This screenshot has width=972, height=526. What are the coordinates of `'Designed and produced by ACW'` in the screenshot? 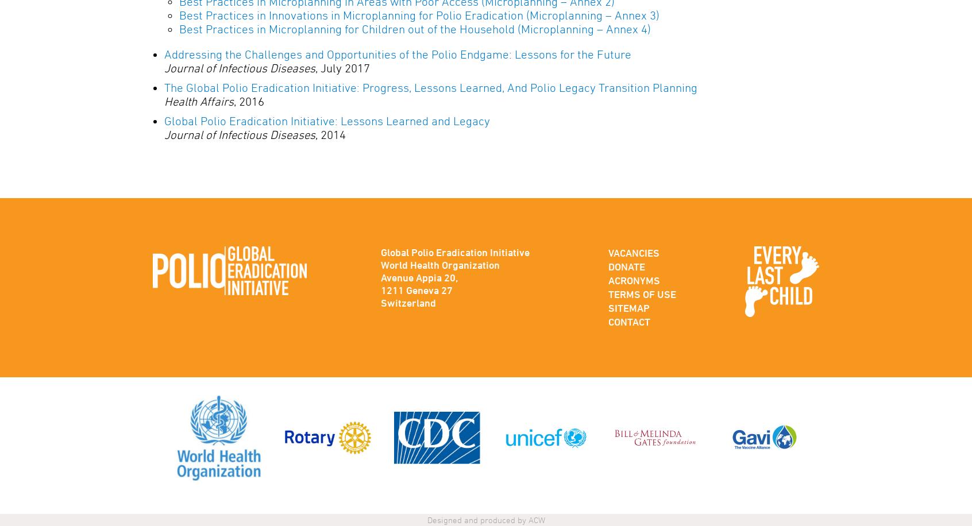 It's located at (485, 519).